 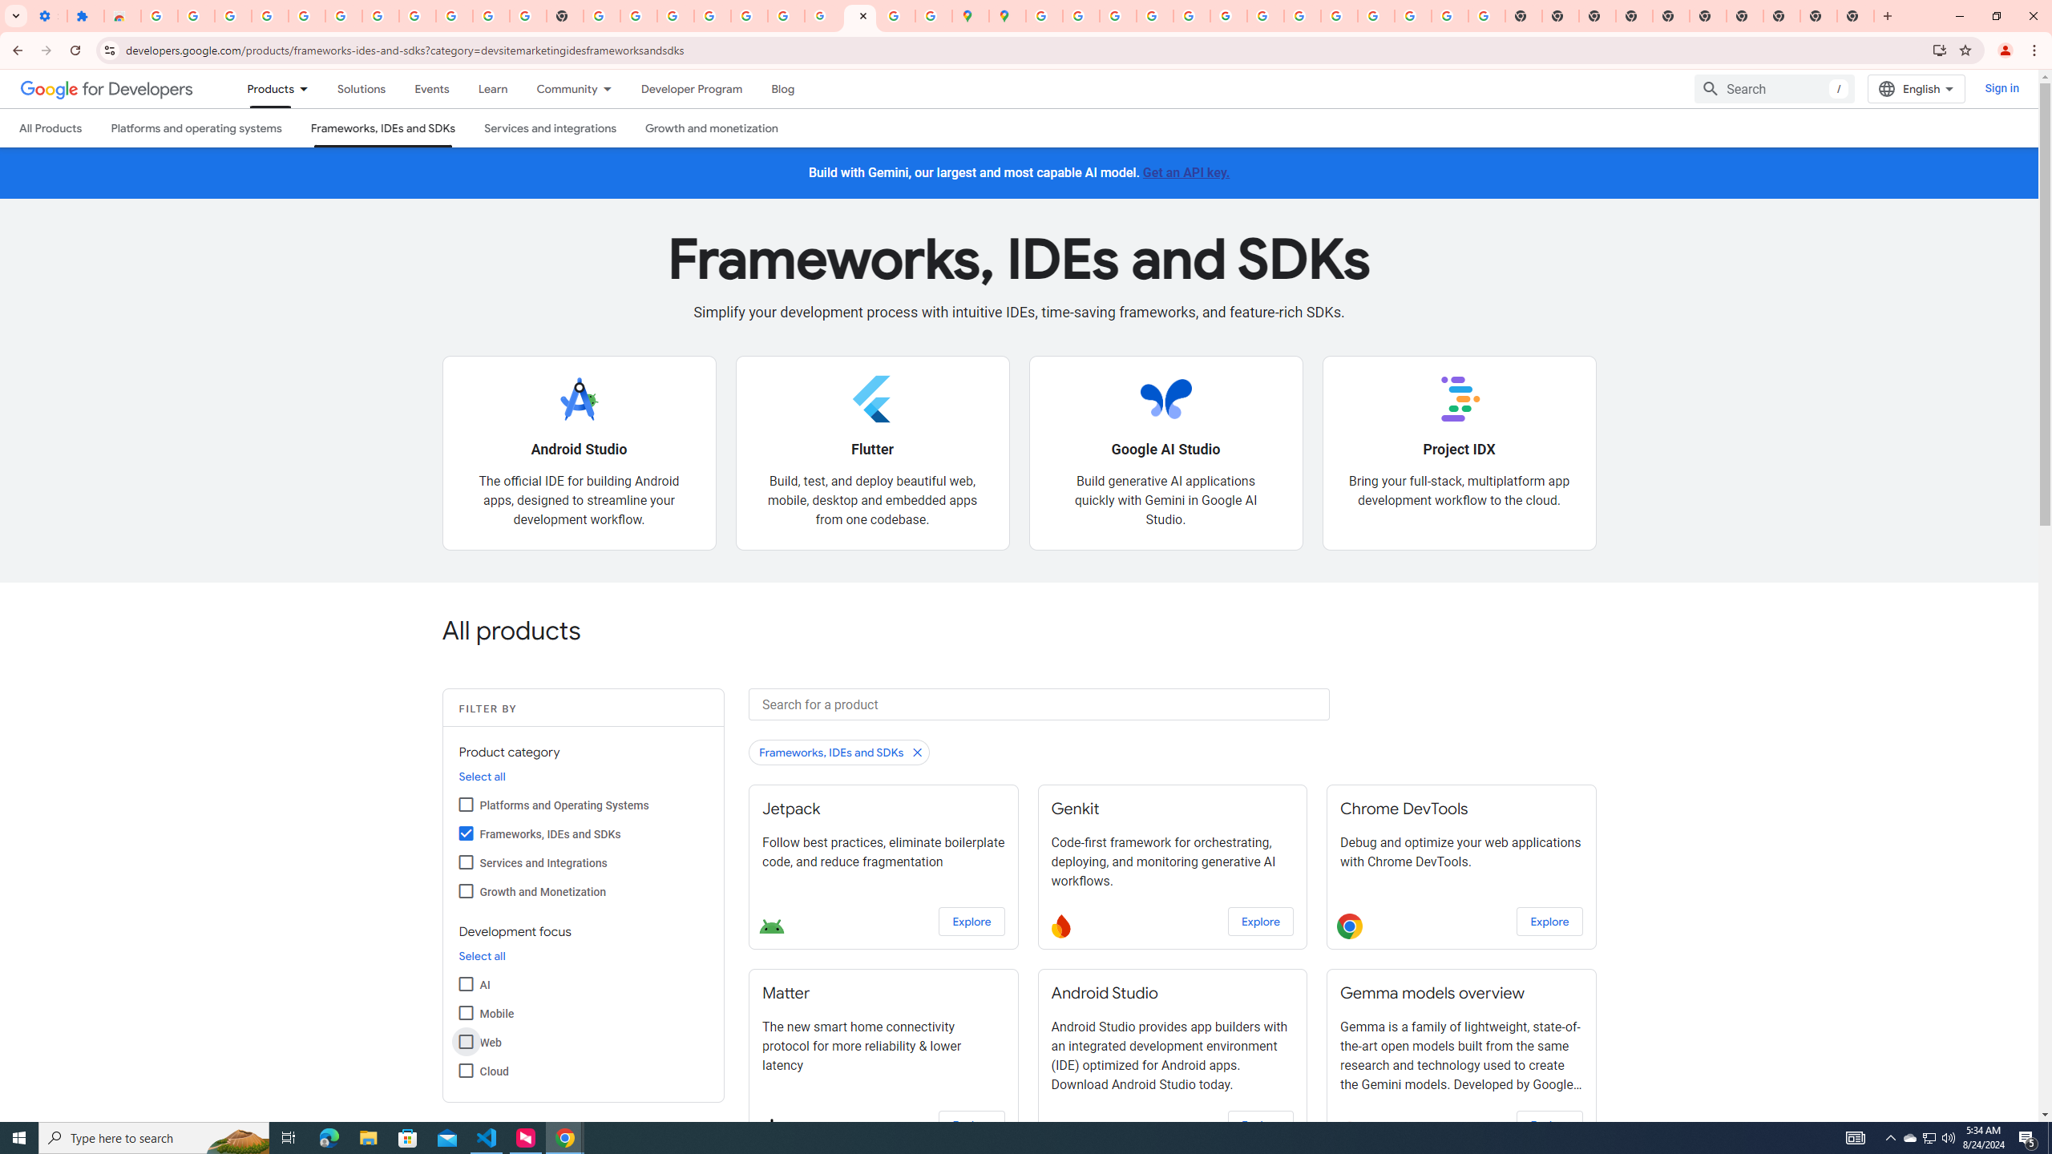 I want to click on 'Delete photos & videos - Computer - Google Photos Help', so click(x=269, y=15).